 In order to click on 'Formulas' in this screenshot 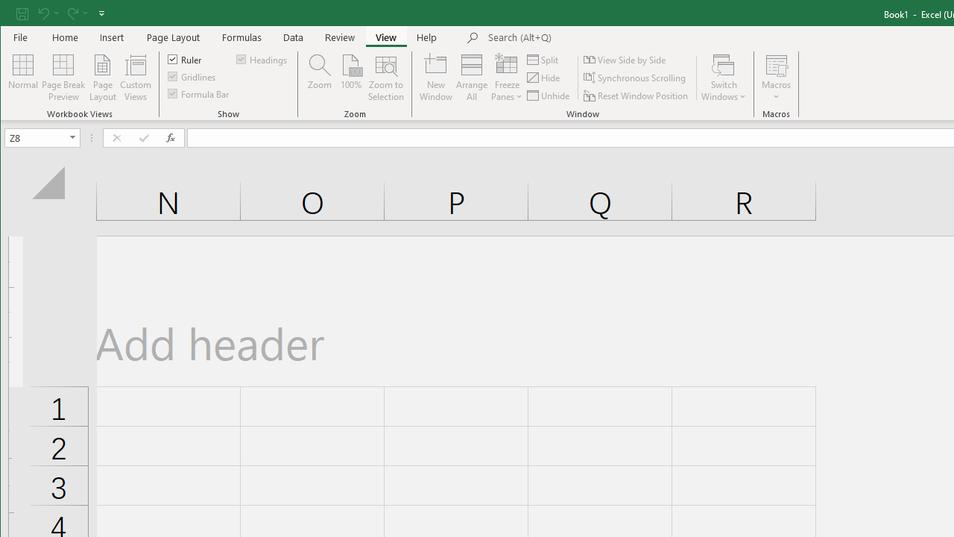, I will do `click(242, 37)`.